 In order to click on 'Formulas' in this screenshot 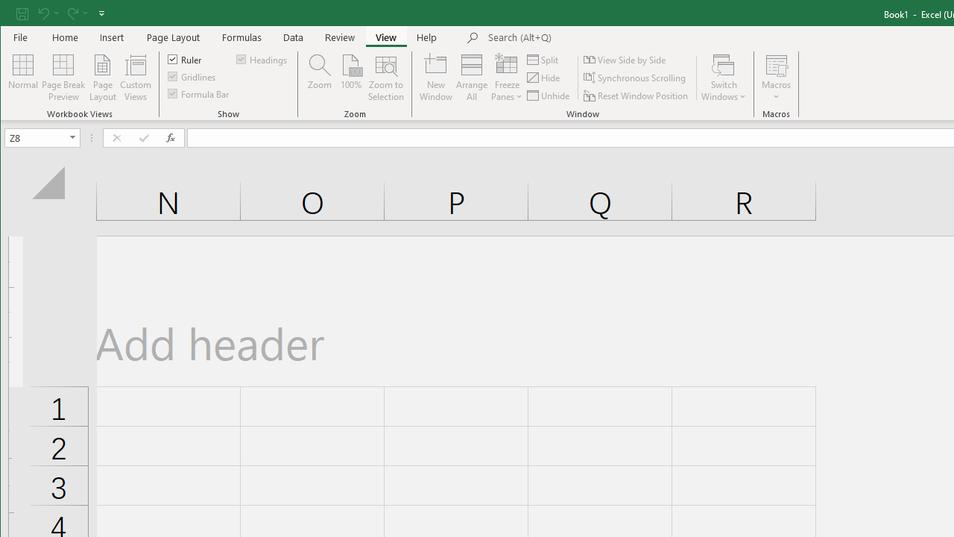, I will do `click(242, 37)`.